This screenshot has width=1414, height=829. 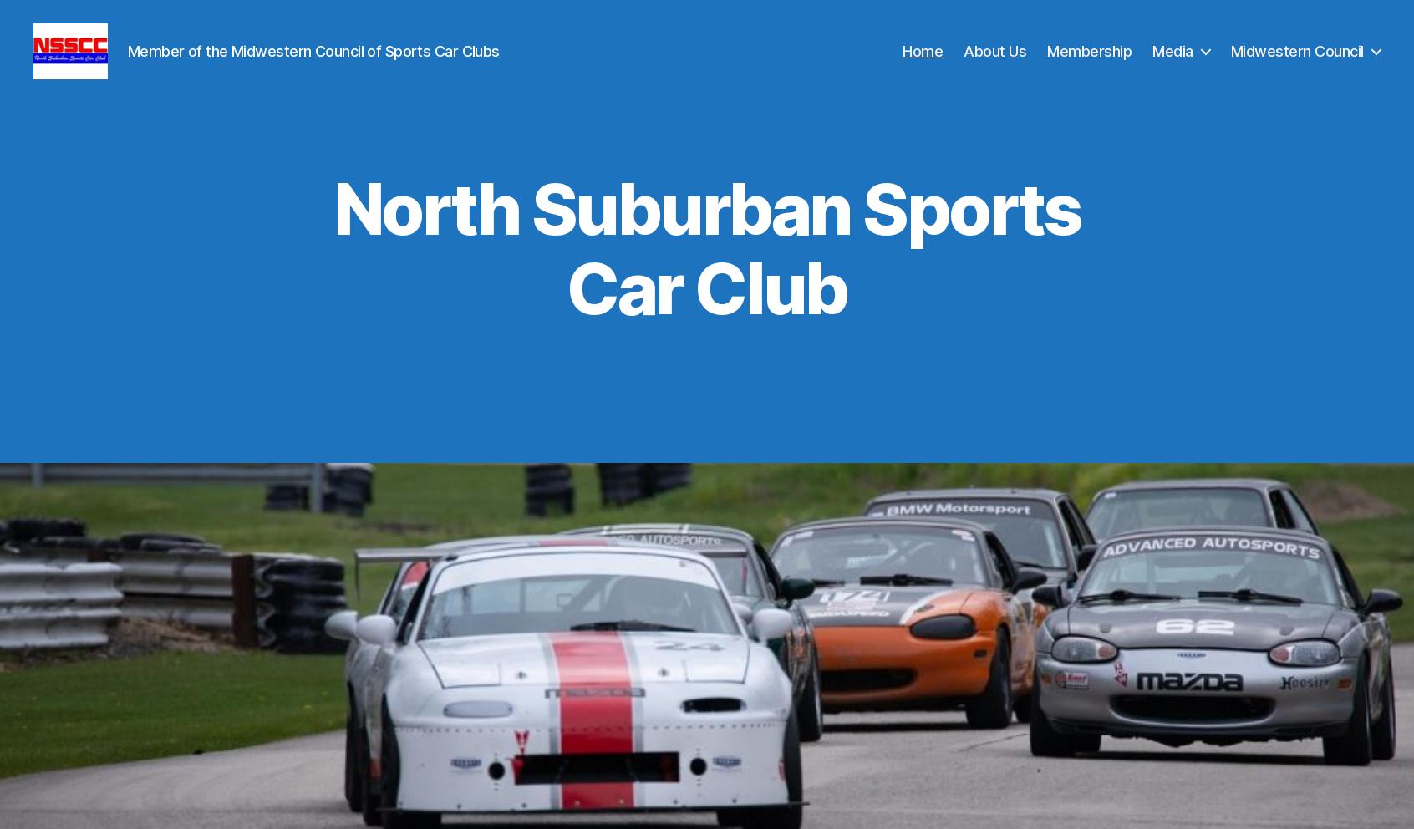 What do you see at coordinates (582, 816) in the screenshot?
I see `'Chris McGuire – President, NSSCC'` at bounding box center [582, 816].